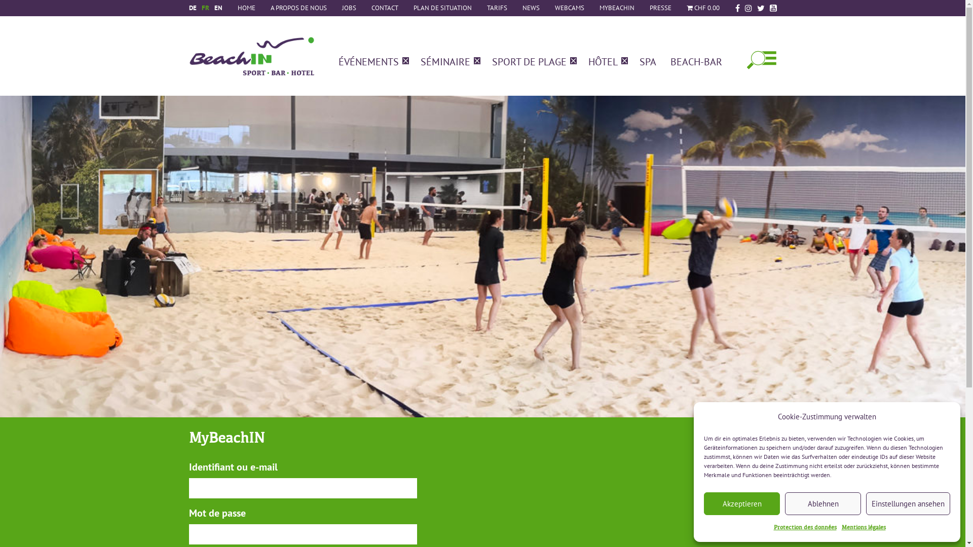 The image size is (973, 547). What do you see at coordinates (822, 503) in the screenshot?
I see `'Ablehnen'` at bounding box center [822, 503].